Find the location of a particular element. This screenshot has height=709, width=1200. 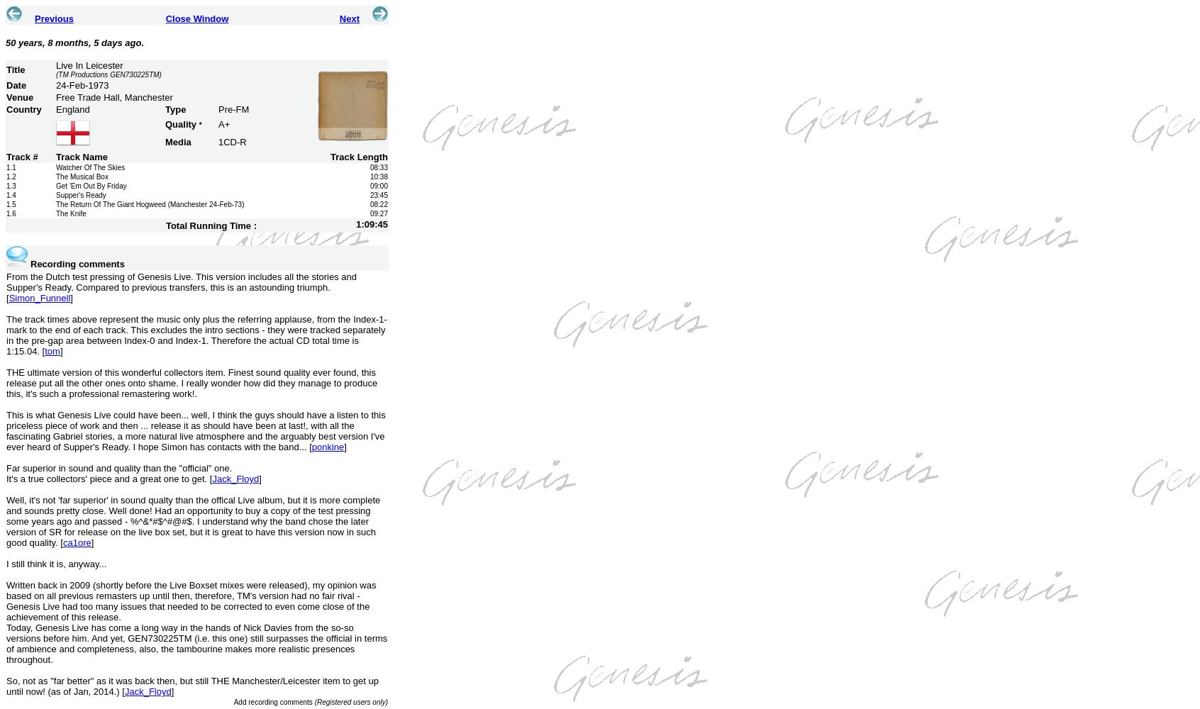

'Supper's Ready' is located at coordinates (81, 195).